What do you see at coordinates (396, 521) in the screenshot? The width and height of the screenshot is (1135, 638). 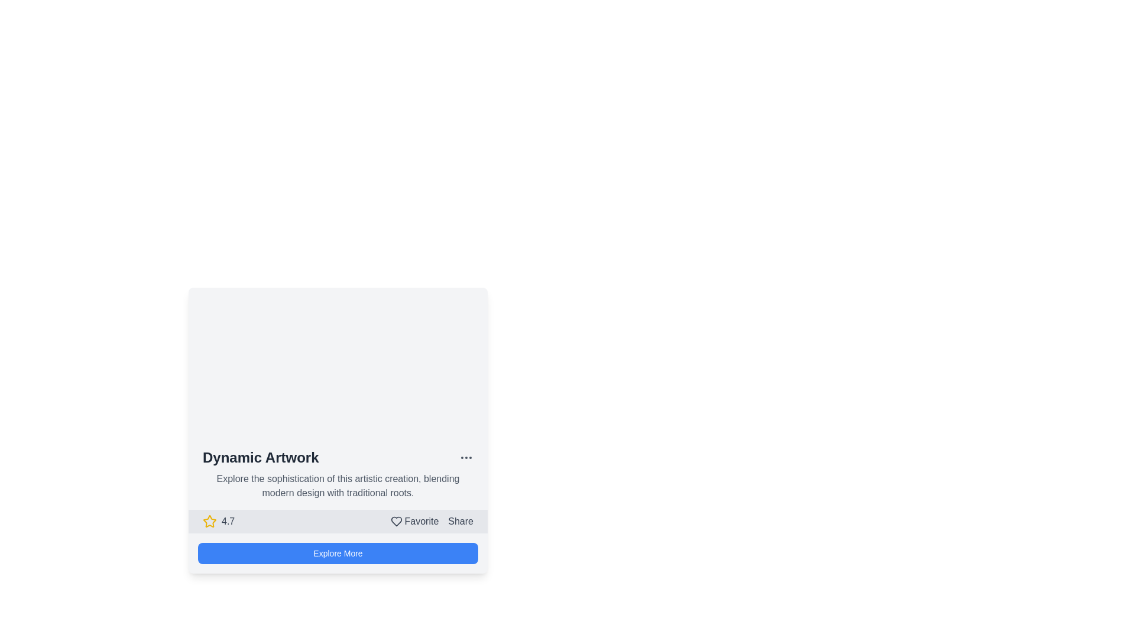 I see `the heart-shaped icon that represents the 'Favorite' option` at bounding box center [396, 521].